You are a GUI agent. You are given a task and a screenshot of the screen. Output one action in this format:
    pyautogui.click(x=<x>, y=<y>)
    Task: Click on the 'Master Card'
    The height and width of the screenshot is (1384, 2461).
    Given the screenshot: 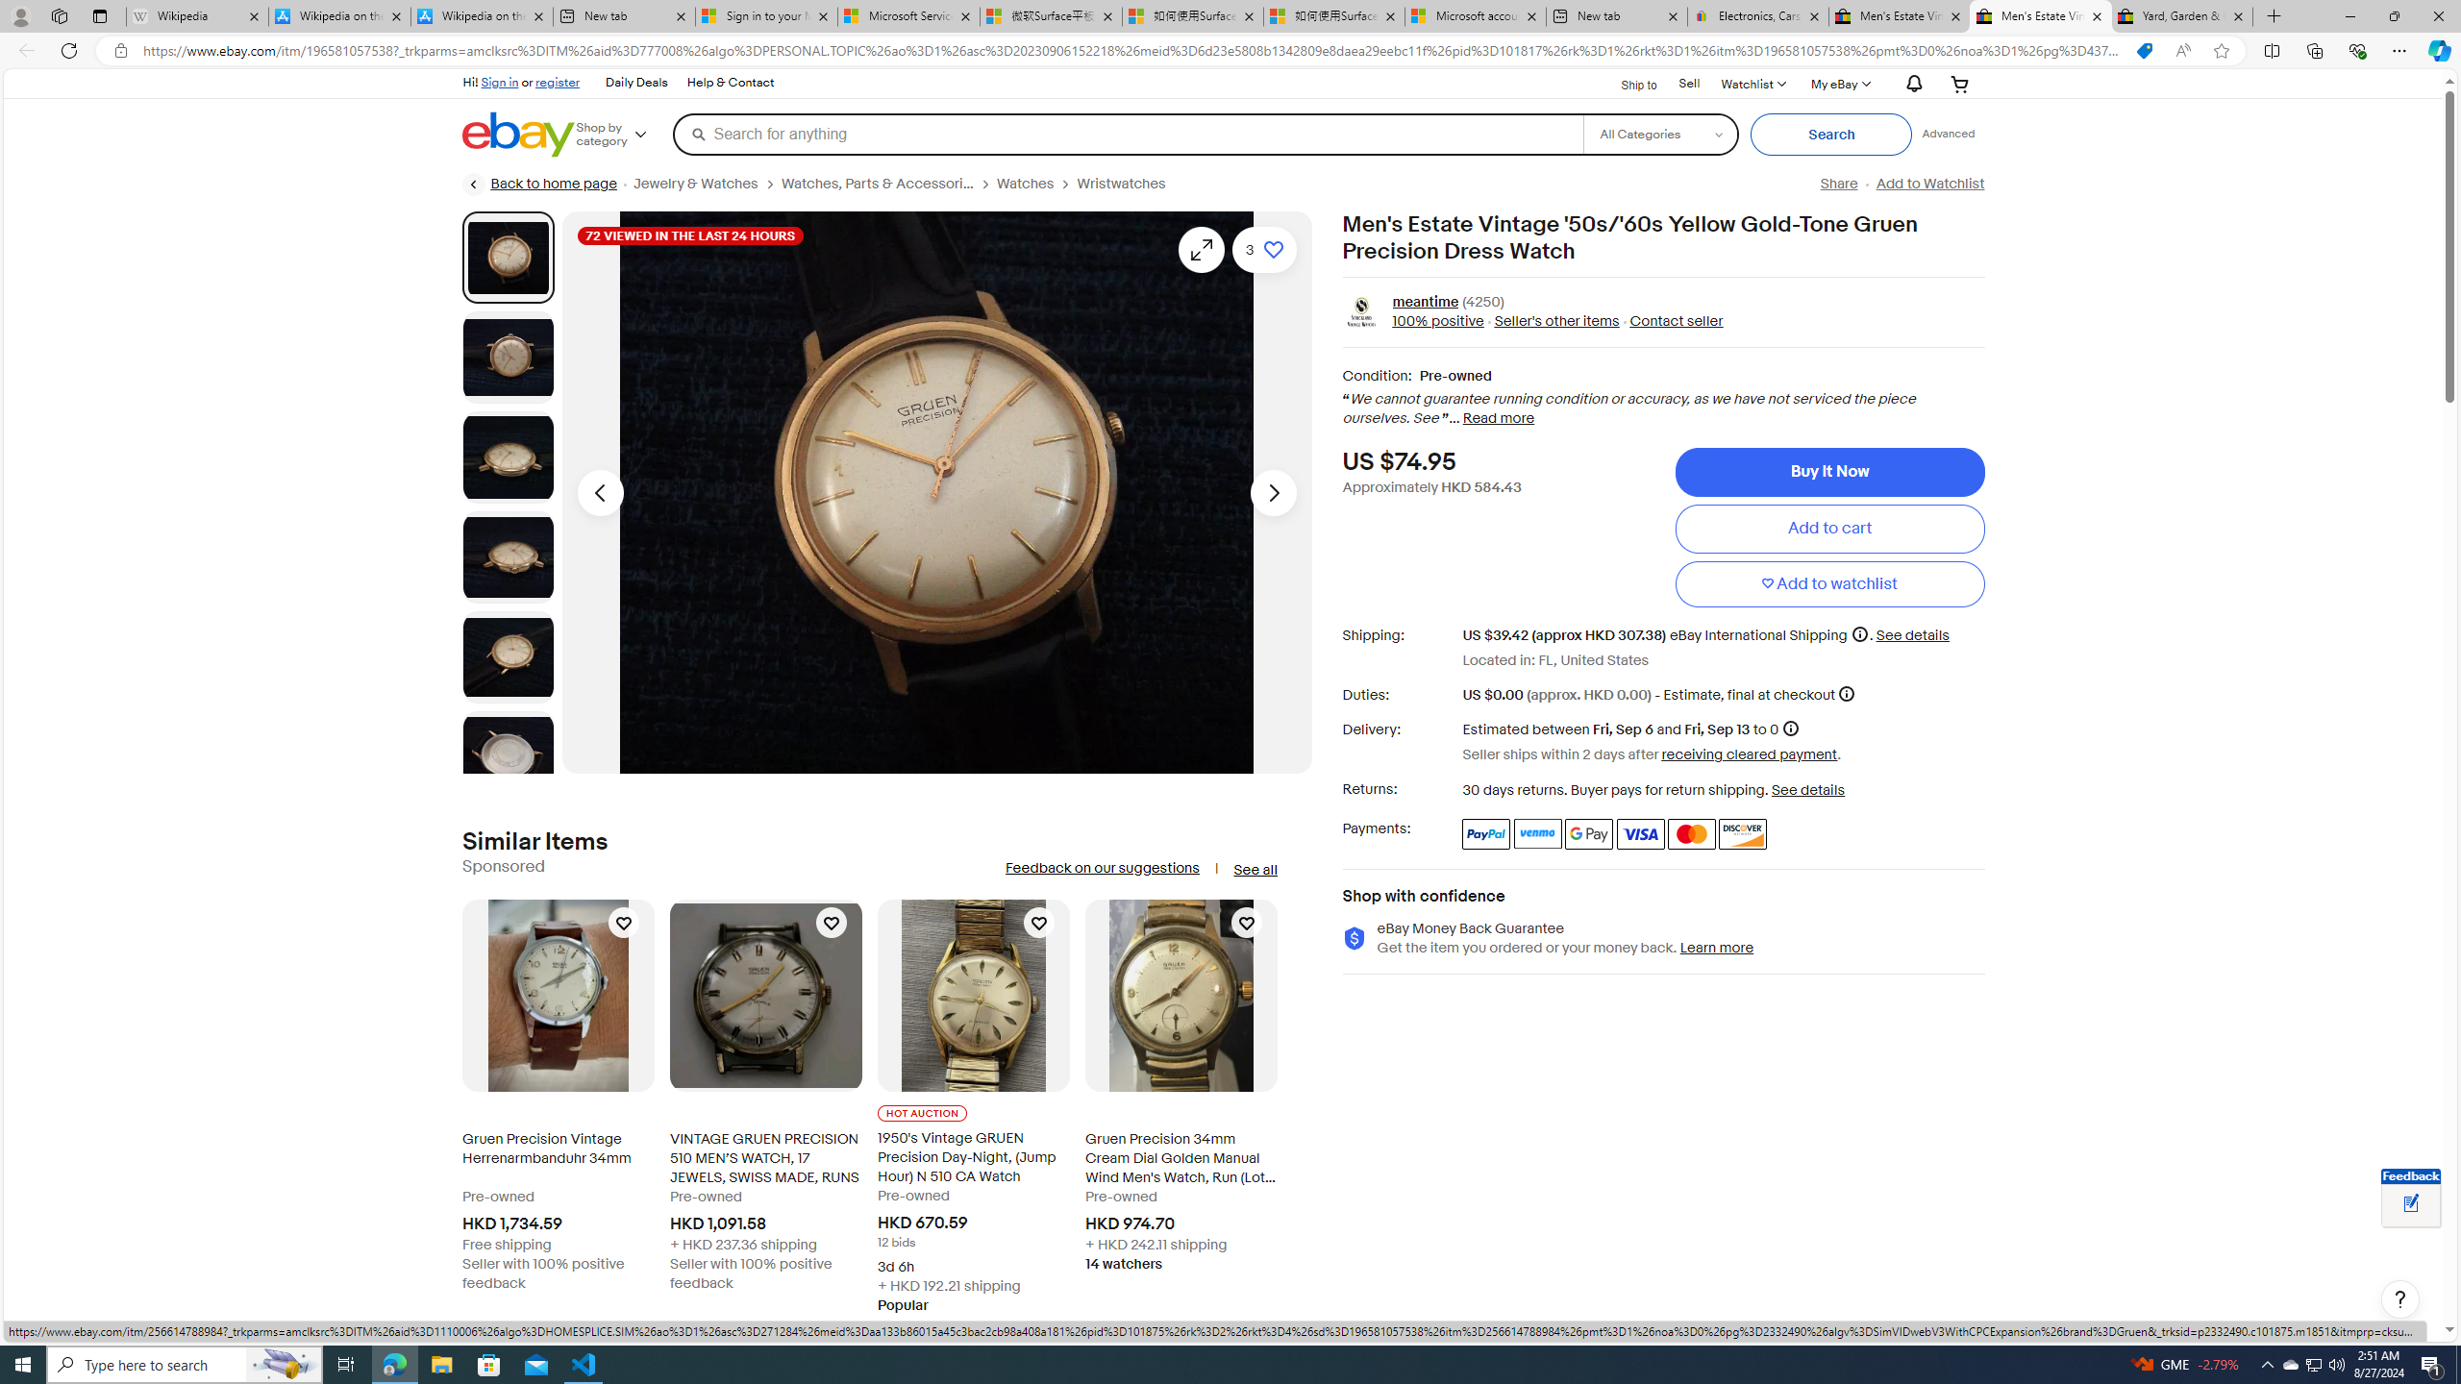 What is the action you would take?
    pyautogui.click(x=1689, y=832)
    